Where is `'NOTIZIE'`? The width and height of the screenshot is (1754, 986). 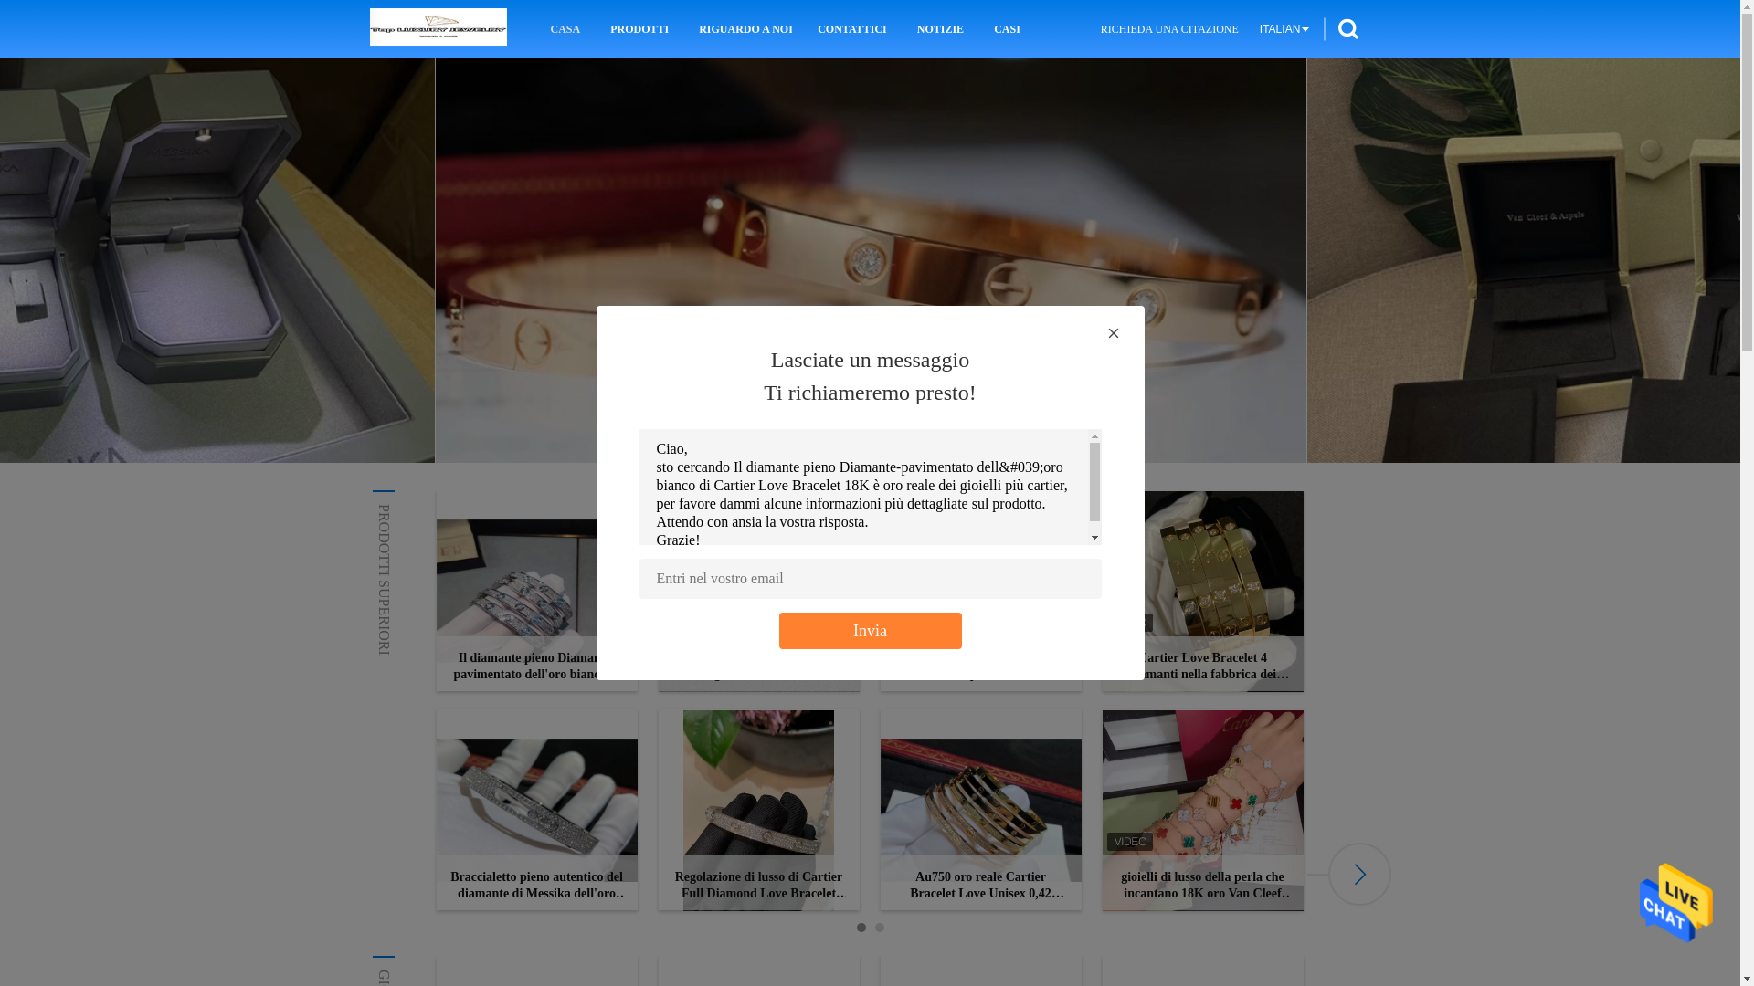
'NOTIZIE' is located at coordinates (940, 28).